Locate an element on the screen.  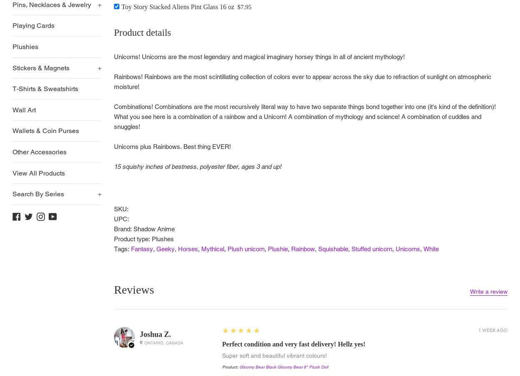
'Toy Story Stacked Aliens Pint Glass 16 oz' is located at coordinates (178, 6).